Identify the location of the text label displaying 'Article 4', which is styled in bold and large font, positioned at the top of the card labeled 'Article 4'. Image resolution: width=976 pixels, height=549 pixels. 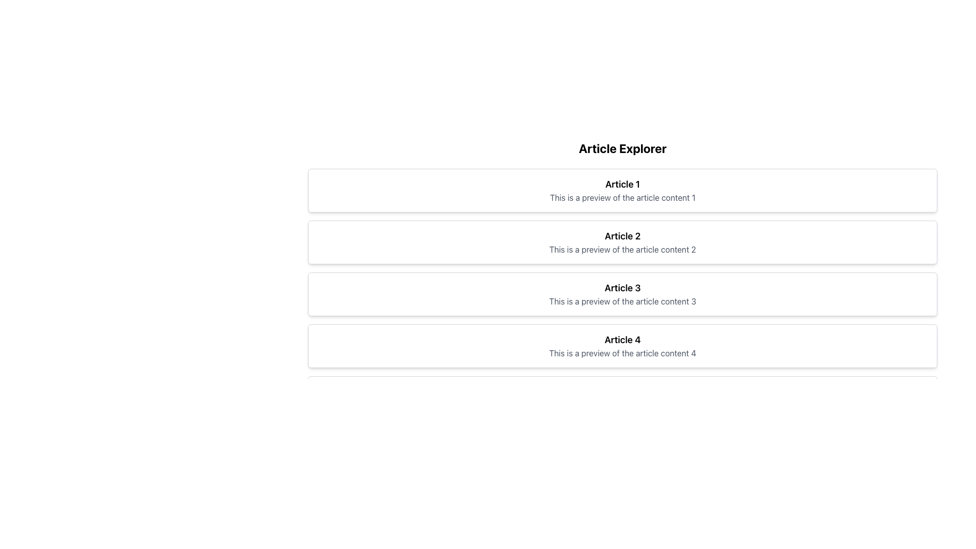
(622, 340).